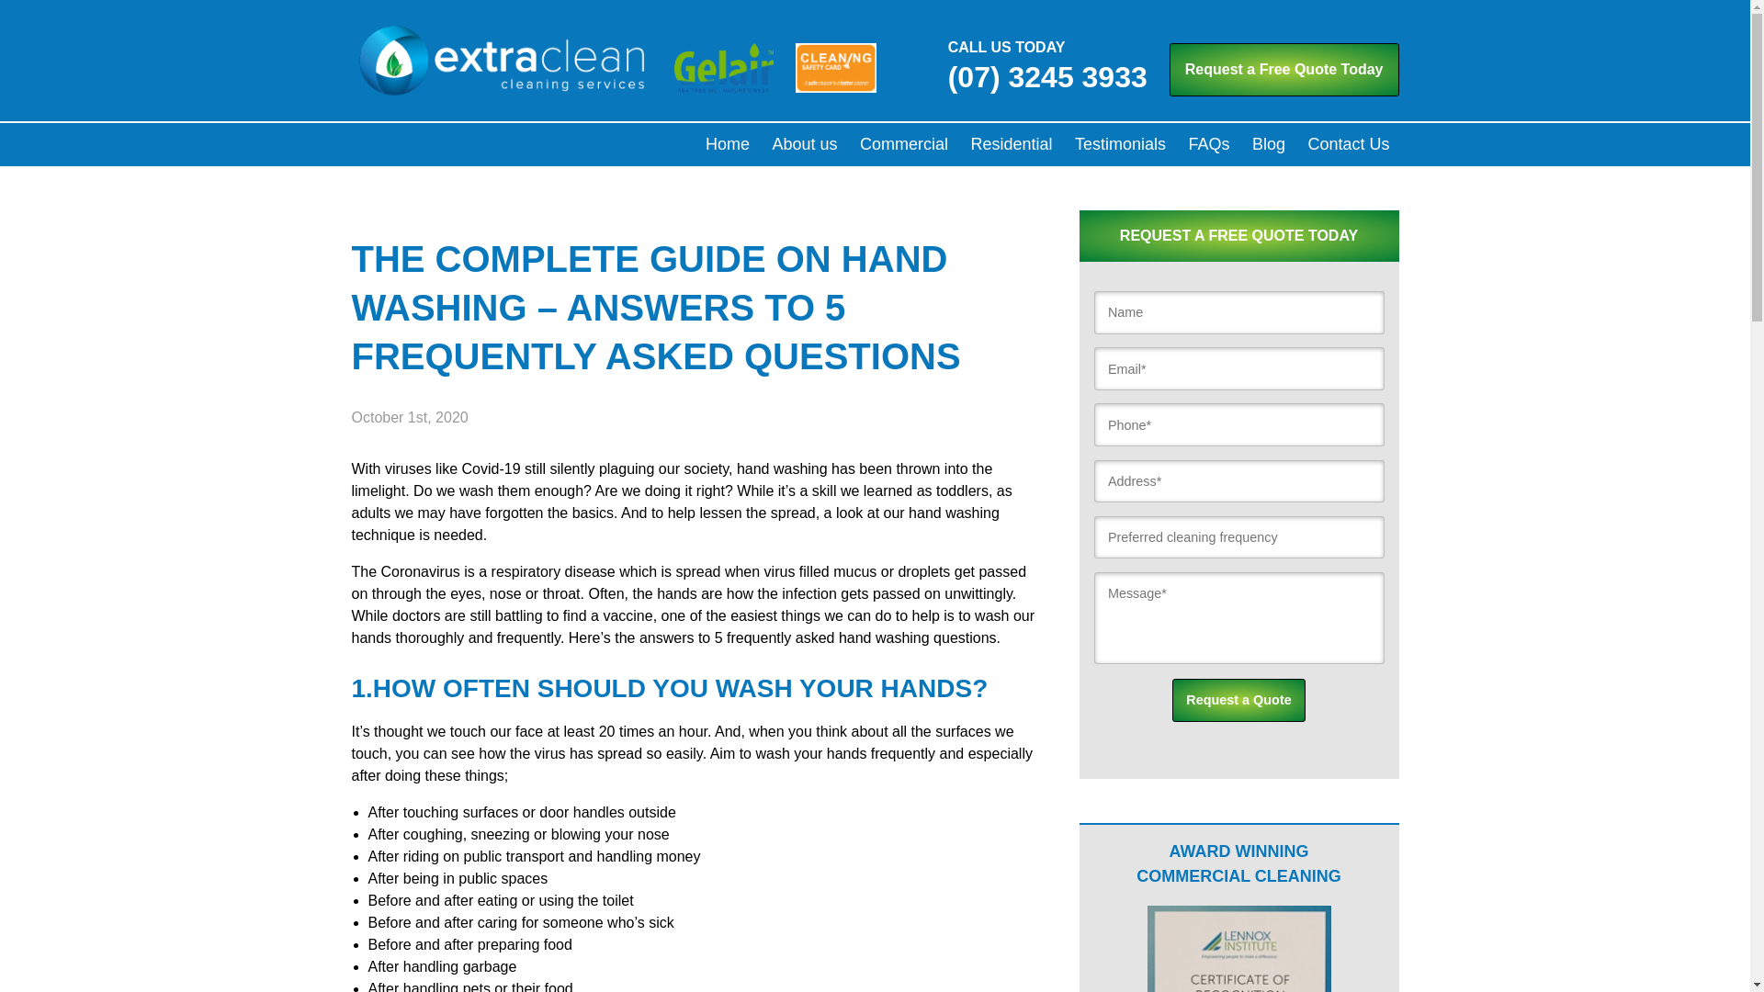 This screenshot has width=1764, height=992. What do you see at coordinates (903, 143) in the screenshot?
I see `'Commercial'` at bounding box center [903, 143].